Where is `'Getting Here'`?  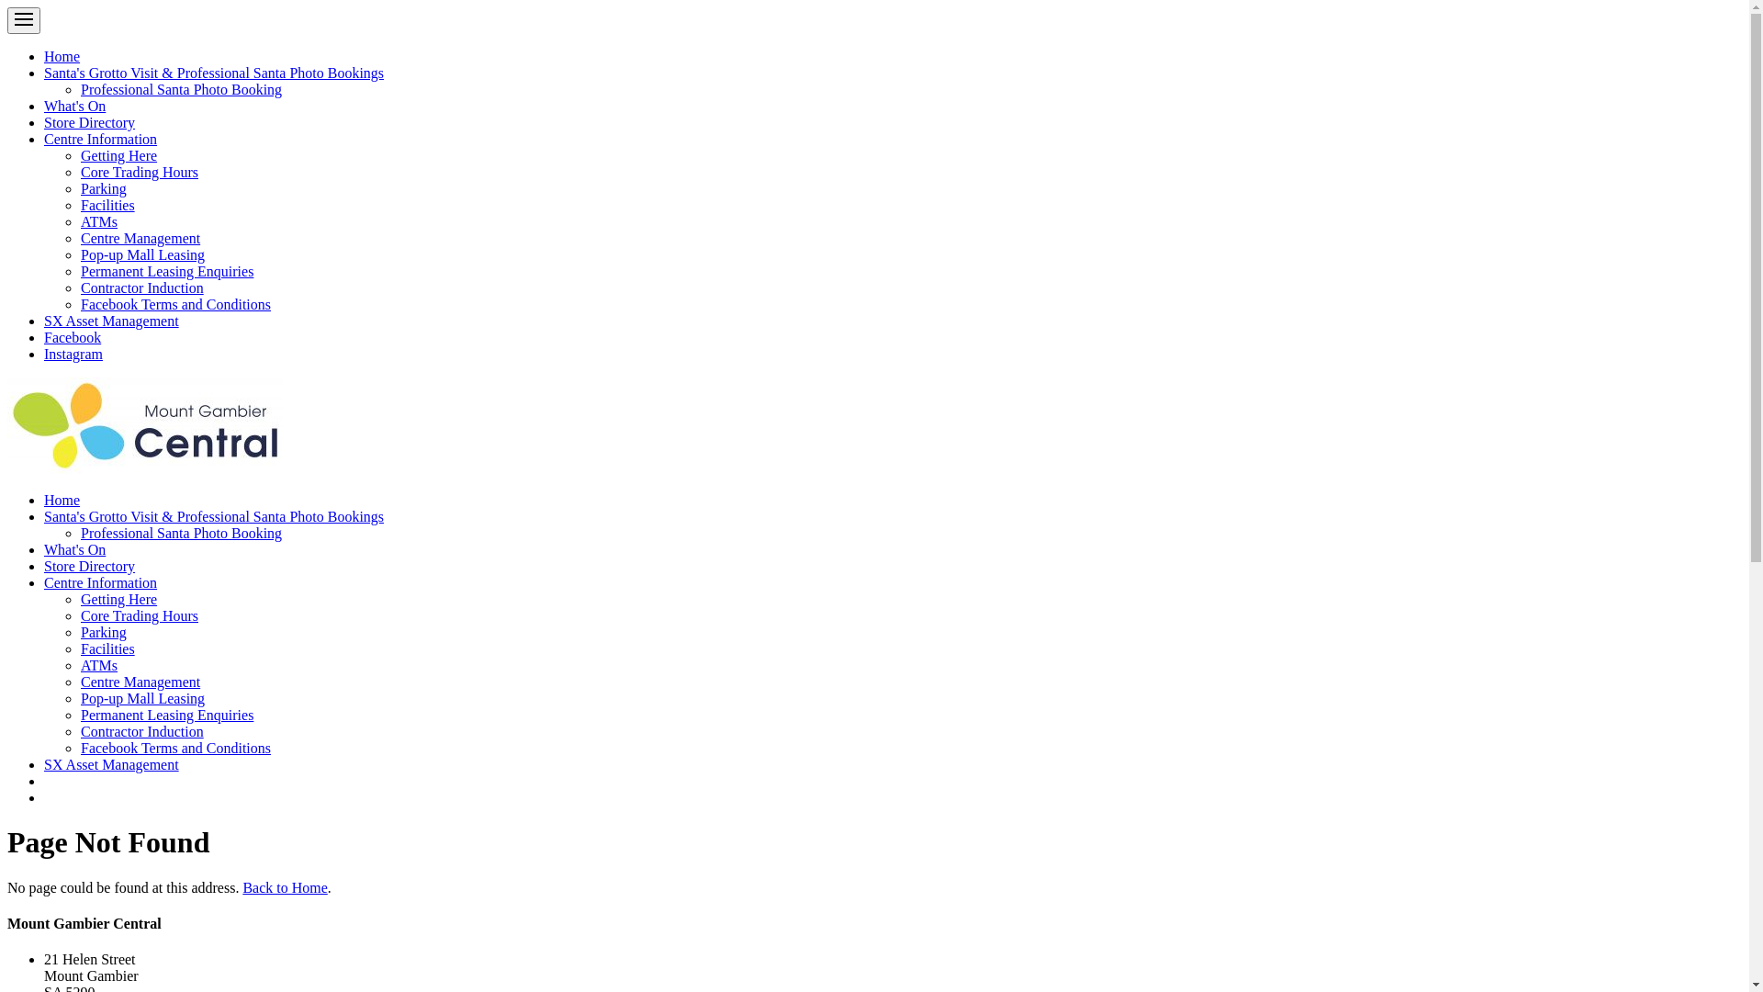
'Getting Here' is located at coordinates (118, 599).